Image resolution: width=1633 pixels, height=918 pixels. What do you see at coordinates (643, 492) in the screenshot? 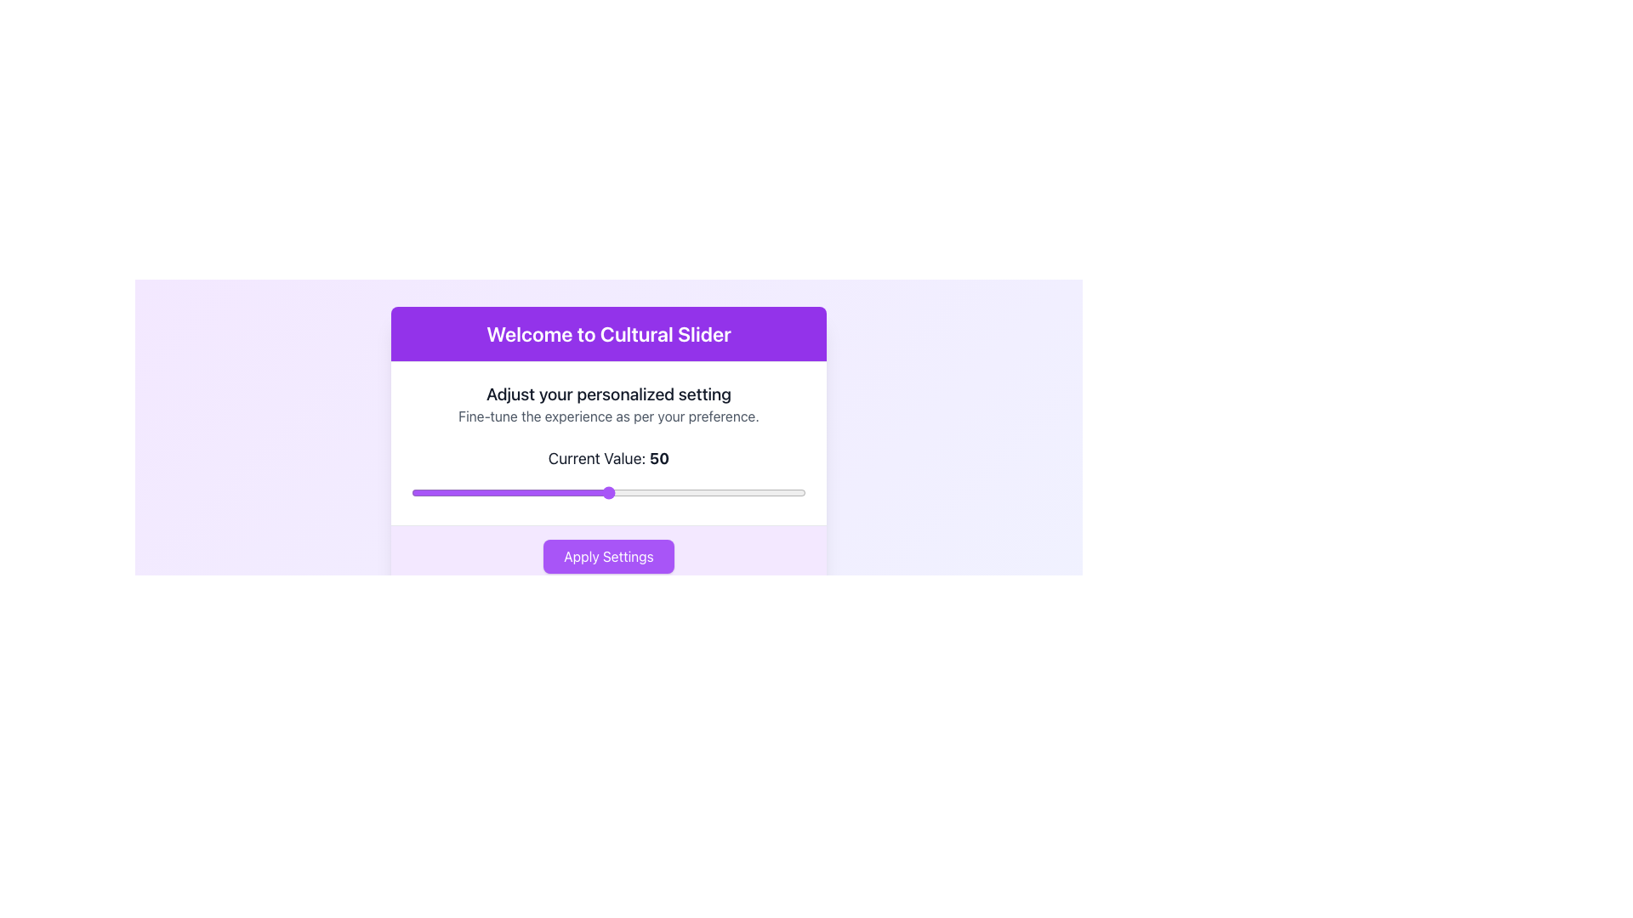
I see `slider value` at bounding box center [643, 492].